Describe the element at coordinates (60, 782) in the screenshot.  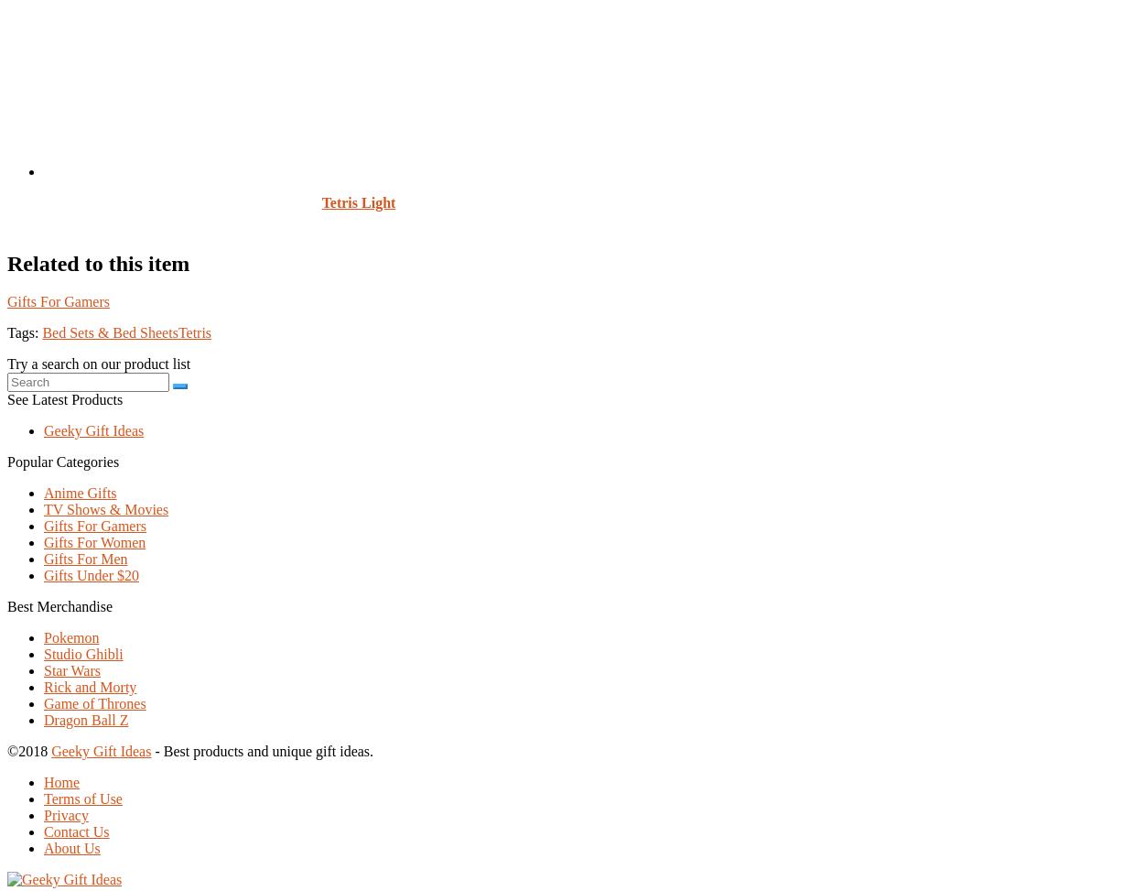
I see `'Home'` at that location.